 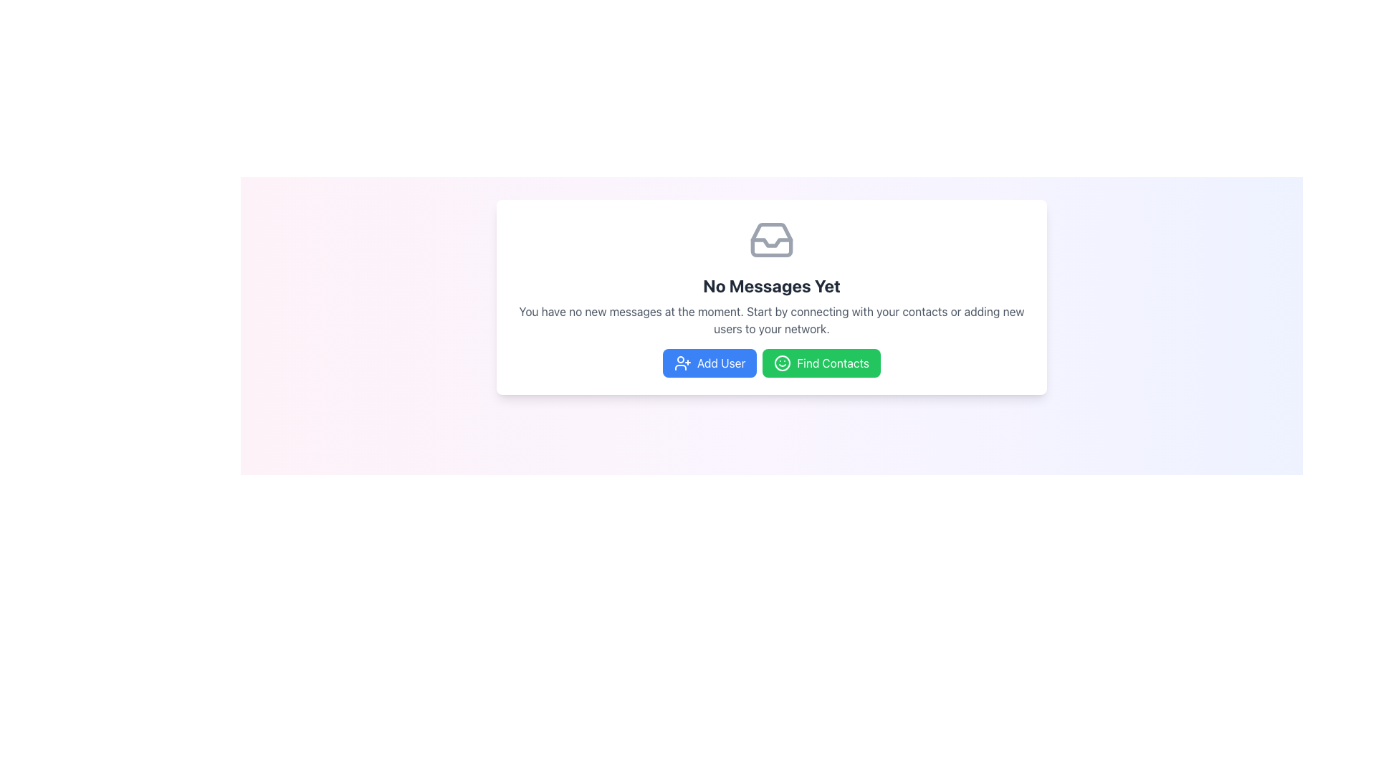 What do you see at coordinates (770, 285) in the screenshot?
I see `the text display indicating that there are currently no messages available, which is centrally positioned below an inbox icon` at bounding box center [770, 285].